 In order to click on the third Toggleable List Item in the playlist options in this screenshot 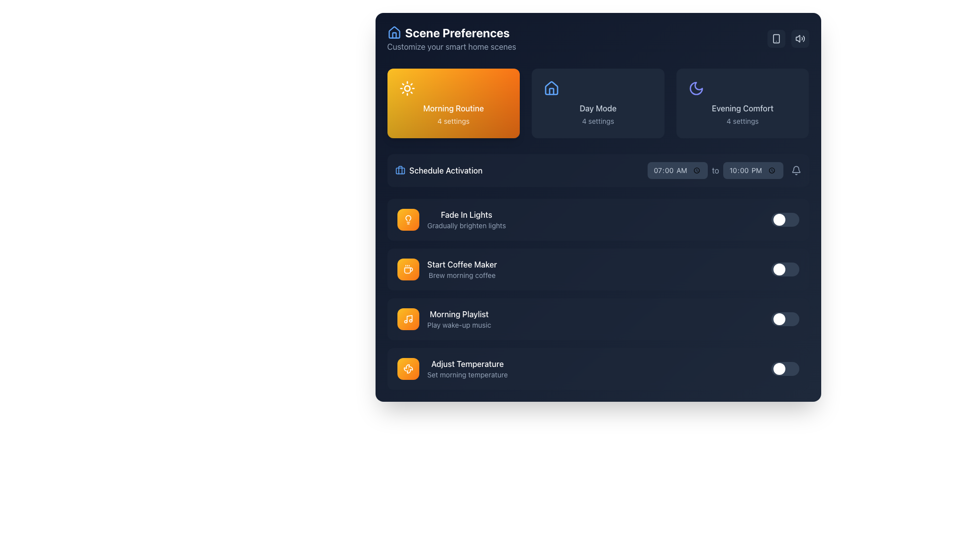, I will do `click(597, 319)`.